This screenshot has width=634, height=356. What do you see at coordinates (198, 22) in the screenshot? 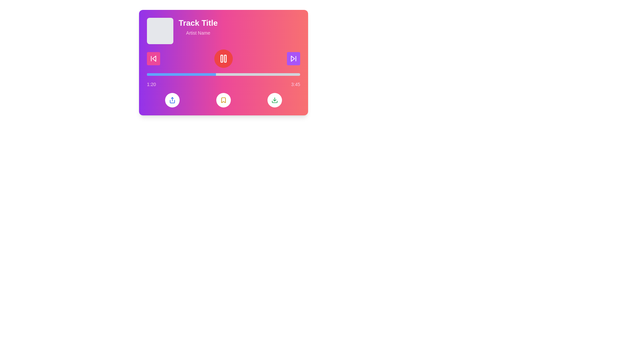
I see `the 'Track Title' text label, which displays the title of the track currently being viewed or played` at bounding box center [198, 22].